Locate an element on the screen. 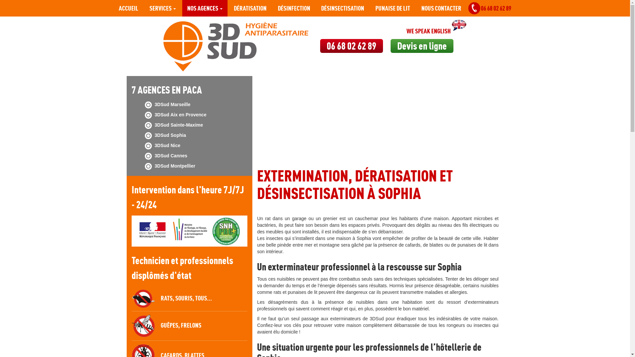  '06 68 02 62 89' is located at coordinates (351, 46).